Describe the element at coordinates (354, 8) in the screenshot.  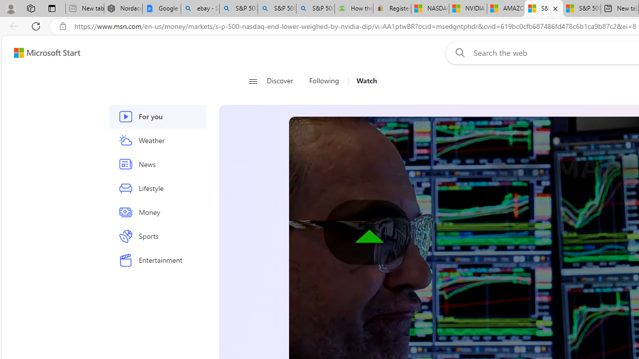
I see `'How the S&P 500 Performed During Major Market Crashes'` at that location.